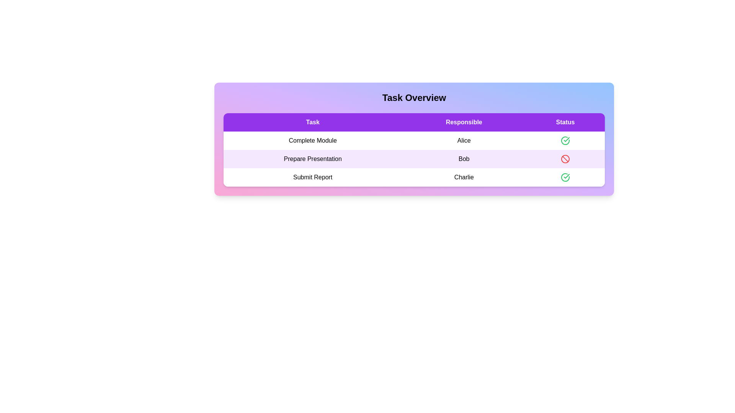  What do you see at coordinates (565, 177) in the screenshot?
I see `the status indicator icon located in the bottom row under the 'Status' column, at the end of the 'Submit Report' row` at bounding box center [565, 177].